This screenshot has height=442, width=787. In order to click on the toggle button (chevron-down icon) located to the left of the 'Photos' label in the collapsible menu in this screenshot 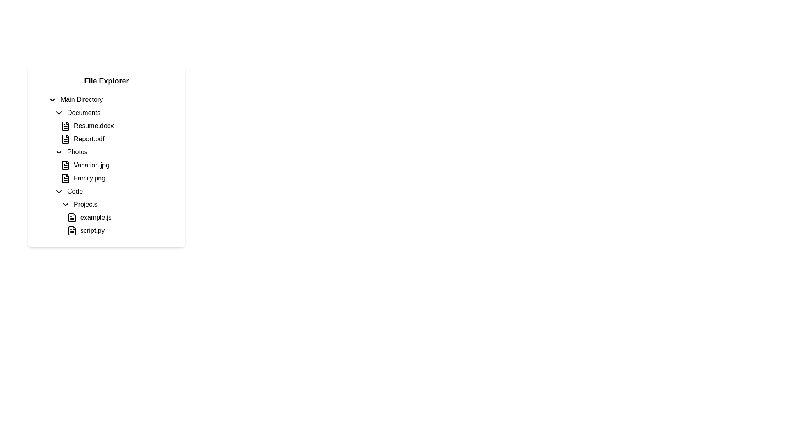, I will do `click(59, 152)`.